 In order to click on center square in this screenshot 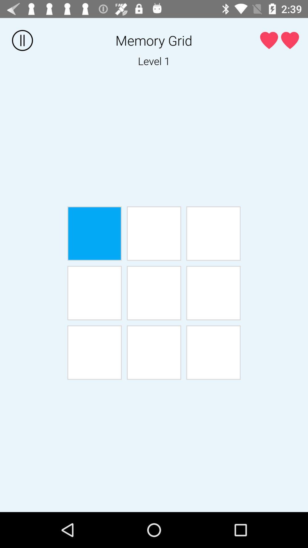, I will do `click(154, 293)`.